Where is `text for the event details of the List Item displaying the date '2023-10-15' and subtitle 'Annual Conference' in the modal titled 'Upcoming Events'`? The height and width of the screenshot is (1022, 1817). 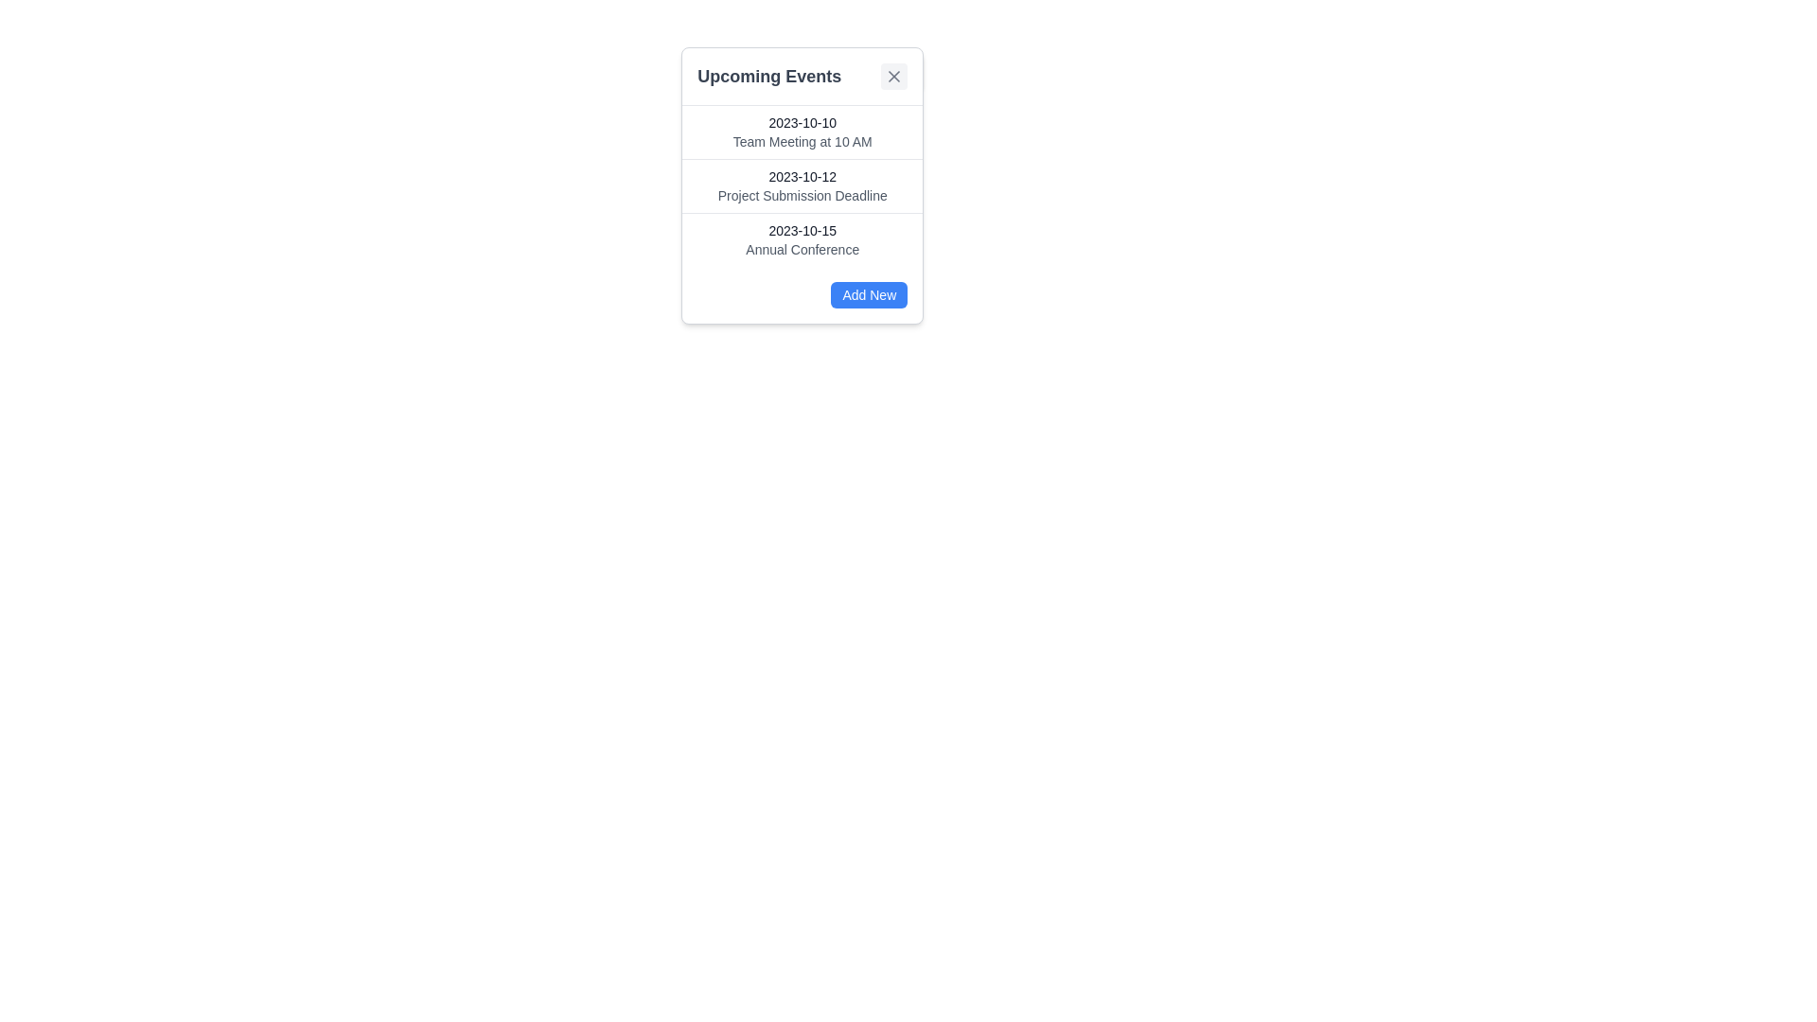 text for the event details of the List Item displaying the date '2023-10-15' and subtitle 'Annual Conference' in the modal titled 'Upcoming Events' is located at coordinates (803, 238).